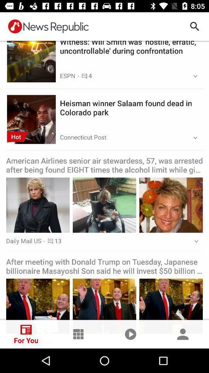 The image size is (209, 373). I want to click on the first image on the web page, so click(31, 57).